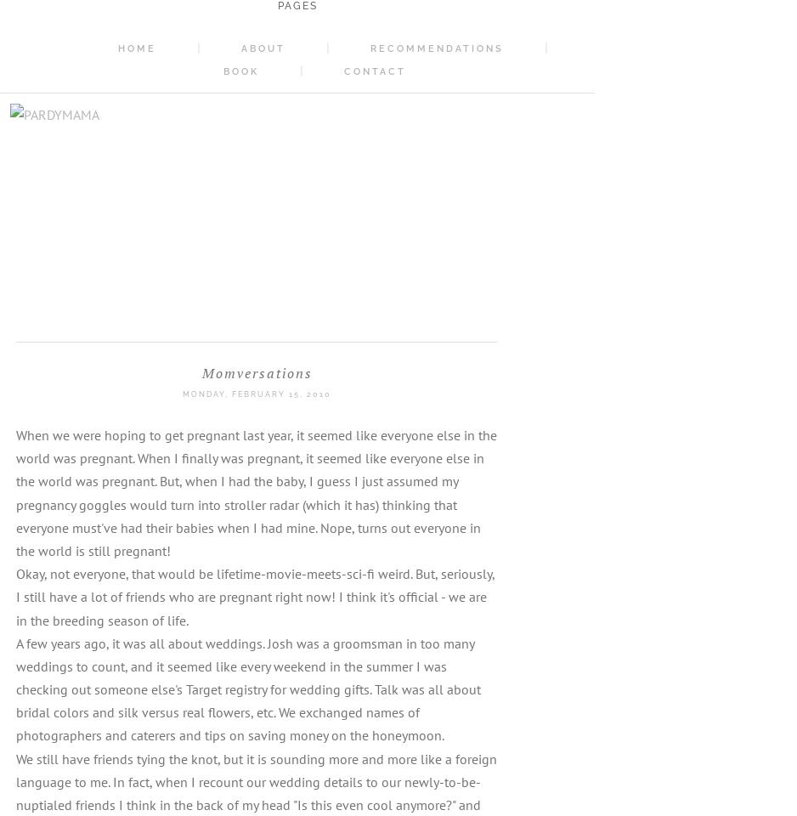  Describe the element at coordinates (297, 5) in the screenshot. I see `'Pages'` at that location.